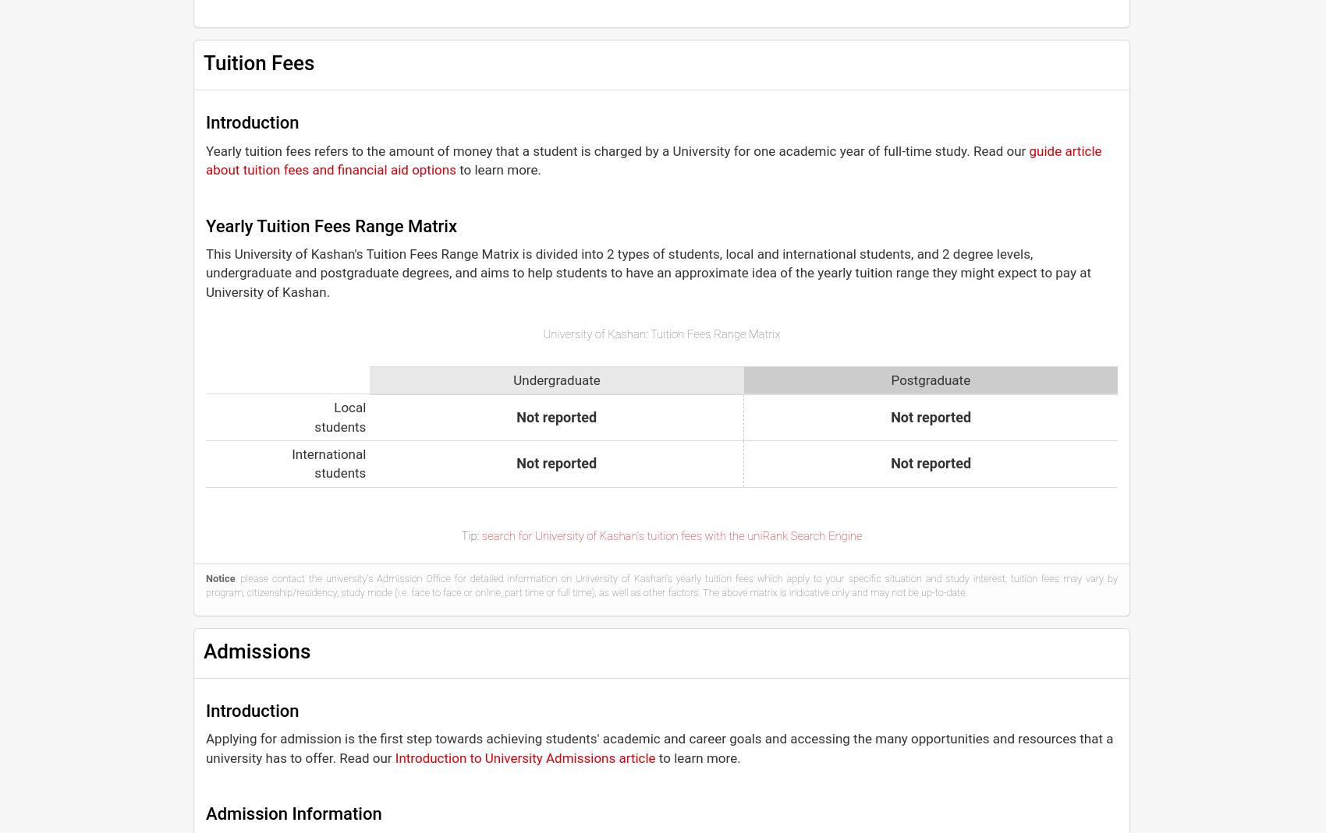  What do you see at coordinates (328, 454) in the screenshot?
I see `'International'` at bounding box center [328, 454].